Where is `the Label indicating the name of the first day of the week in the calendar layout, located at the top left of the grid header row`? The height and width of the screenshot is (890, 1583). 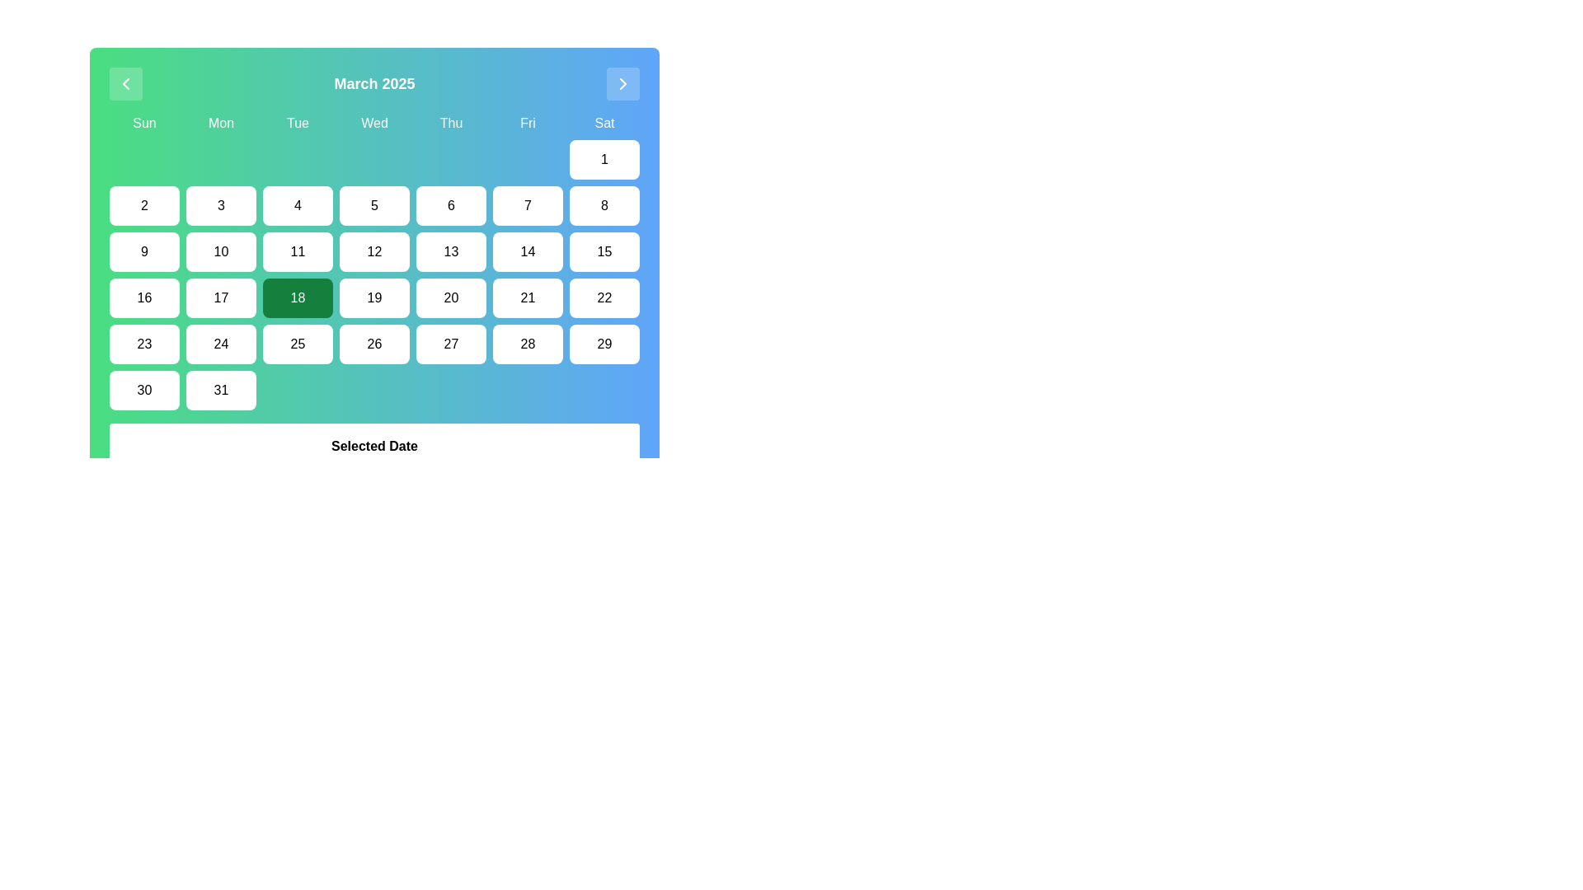
the Label indicating the name of the first day of the week in the calendar layout, located at the top left of the grid header row is located at coordinates (144, 123).